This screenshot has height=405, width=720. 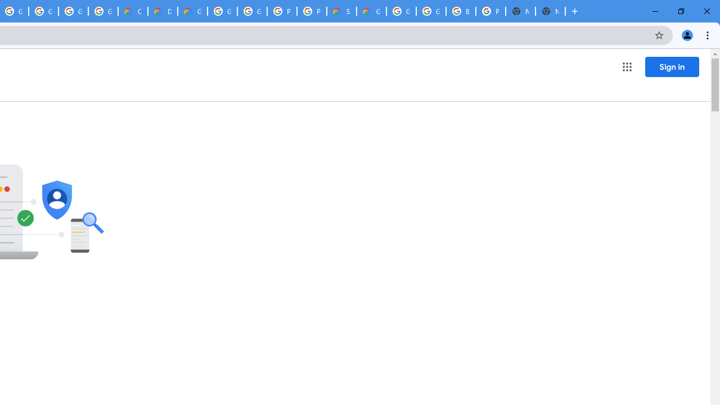 What do you see at coordinates (103, 11) in the screenshot?
I see `'Google Workspace - Specific Terms'` at bounding box center [103, 11].